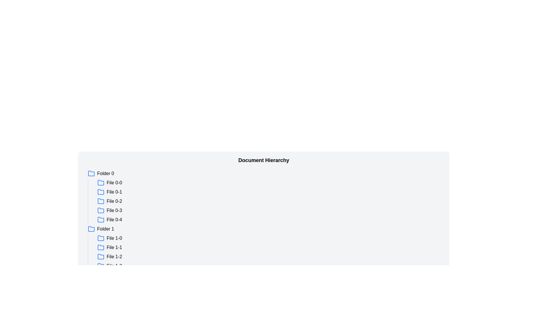  I want to click on the folder icon associated with 'File 0-2', so click(101, 200).